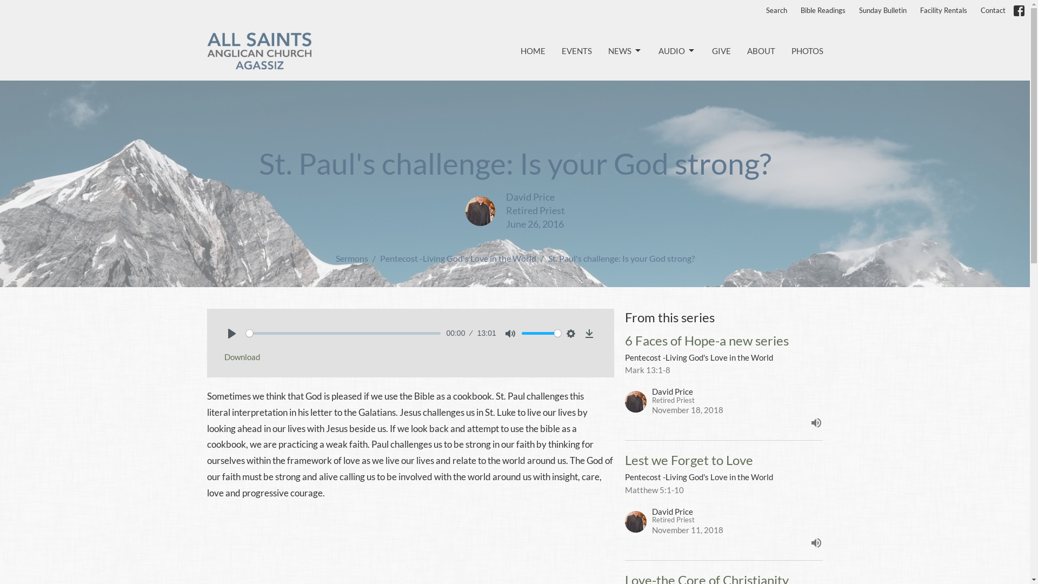 The width and height of the screenshot is (1038, 584). I want to click on 'HOME', so click(532, 51).